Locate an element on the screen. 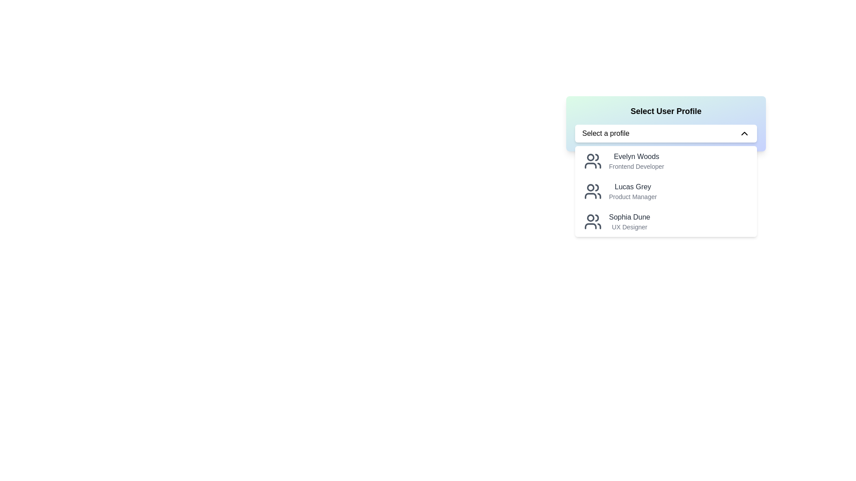  the text label that prompts the user to select a profile, which is located in the left section of the dropdown component, aligned with a chevron icon is located at coordinates (605, 134).